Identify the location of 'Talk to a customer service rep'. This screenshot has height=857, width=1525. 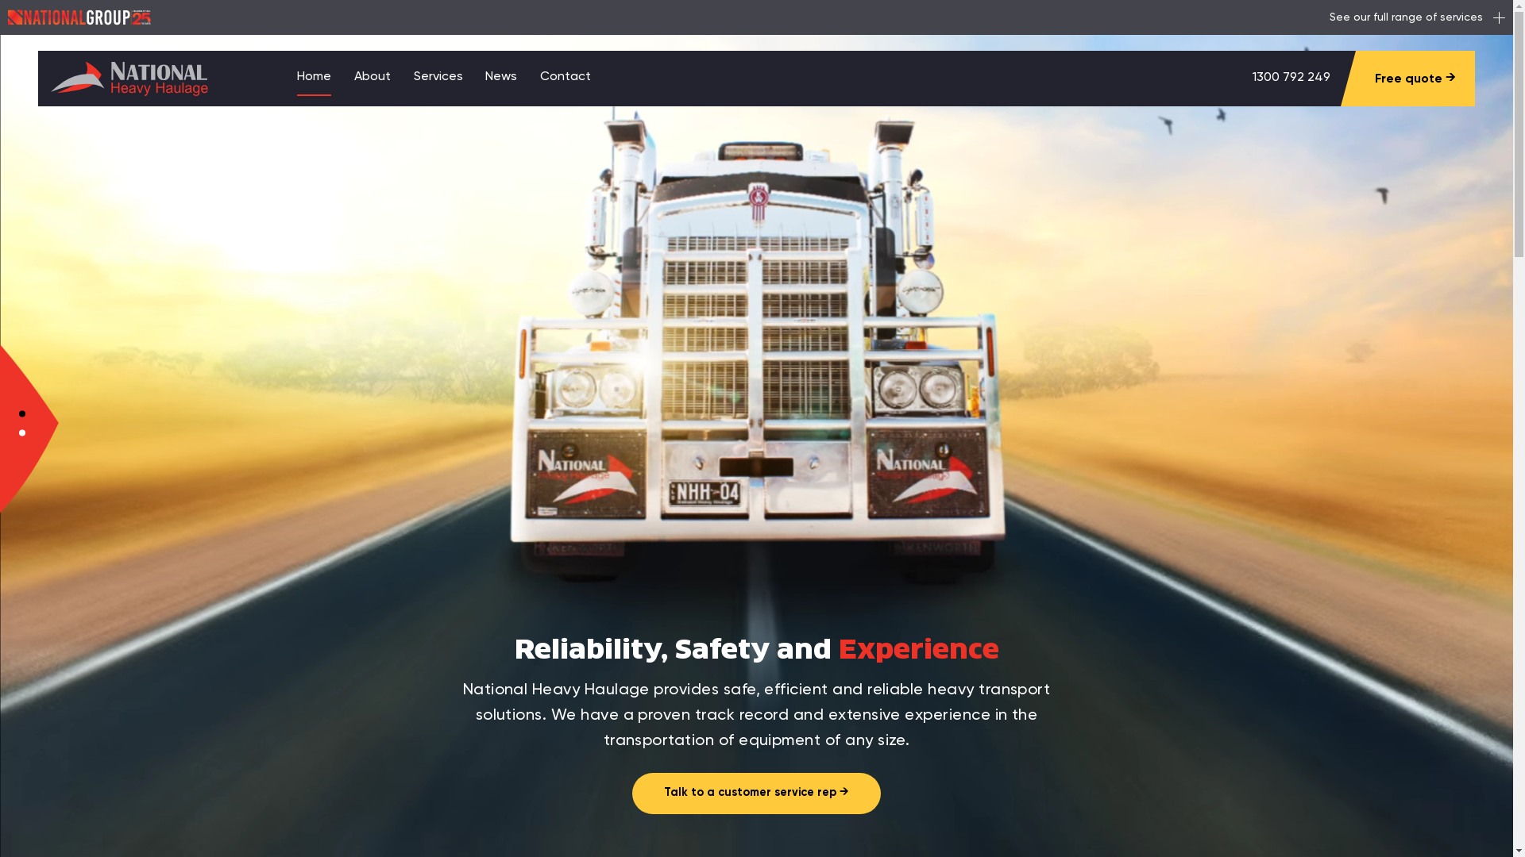
(756, 805).